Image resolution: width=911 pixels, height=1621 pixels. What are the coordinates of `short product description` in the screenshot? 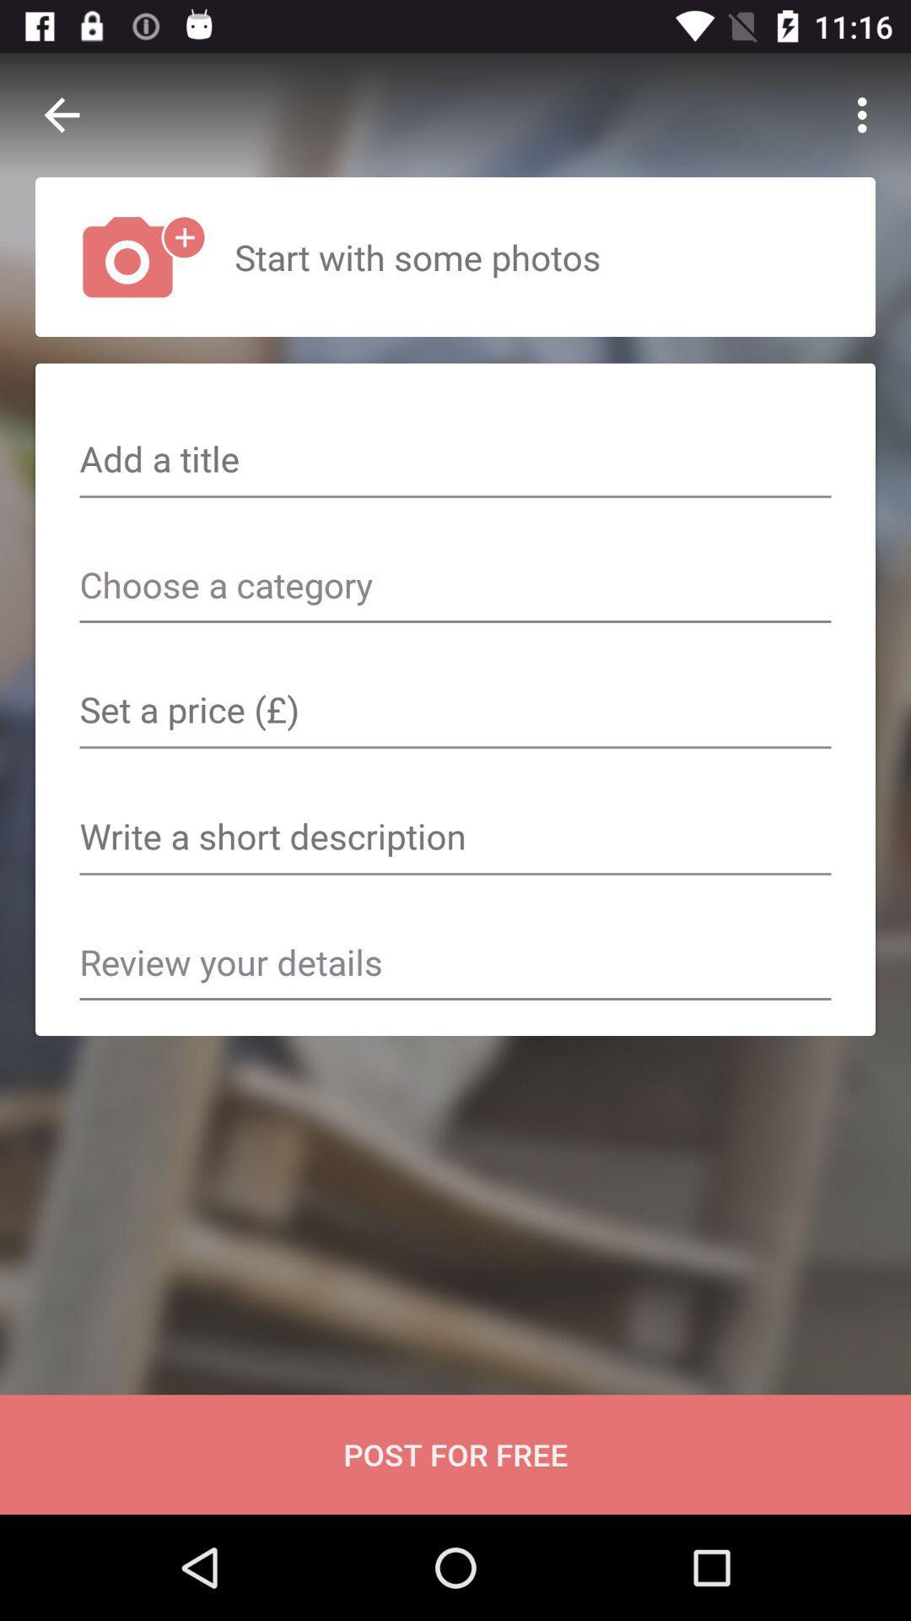 It's located at (455, 838).